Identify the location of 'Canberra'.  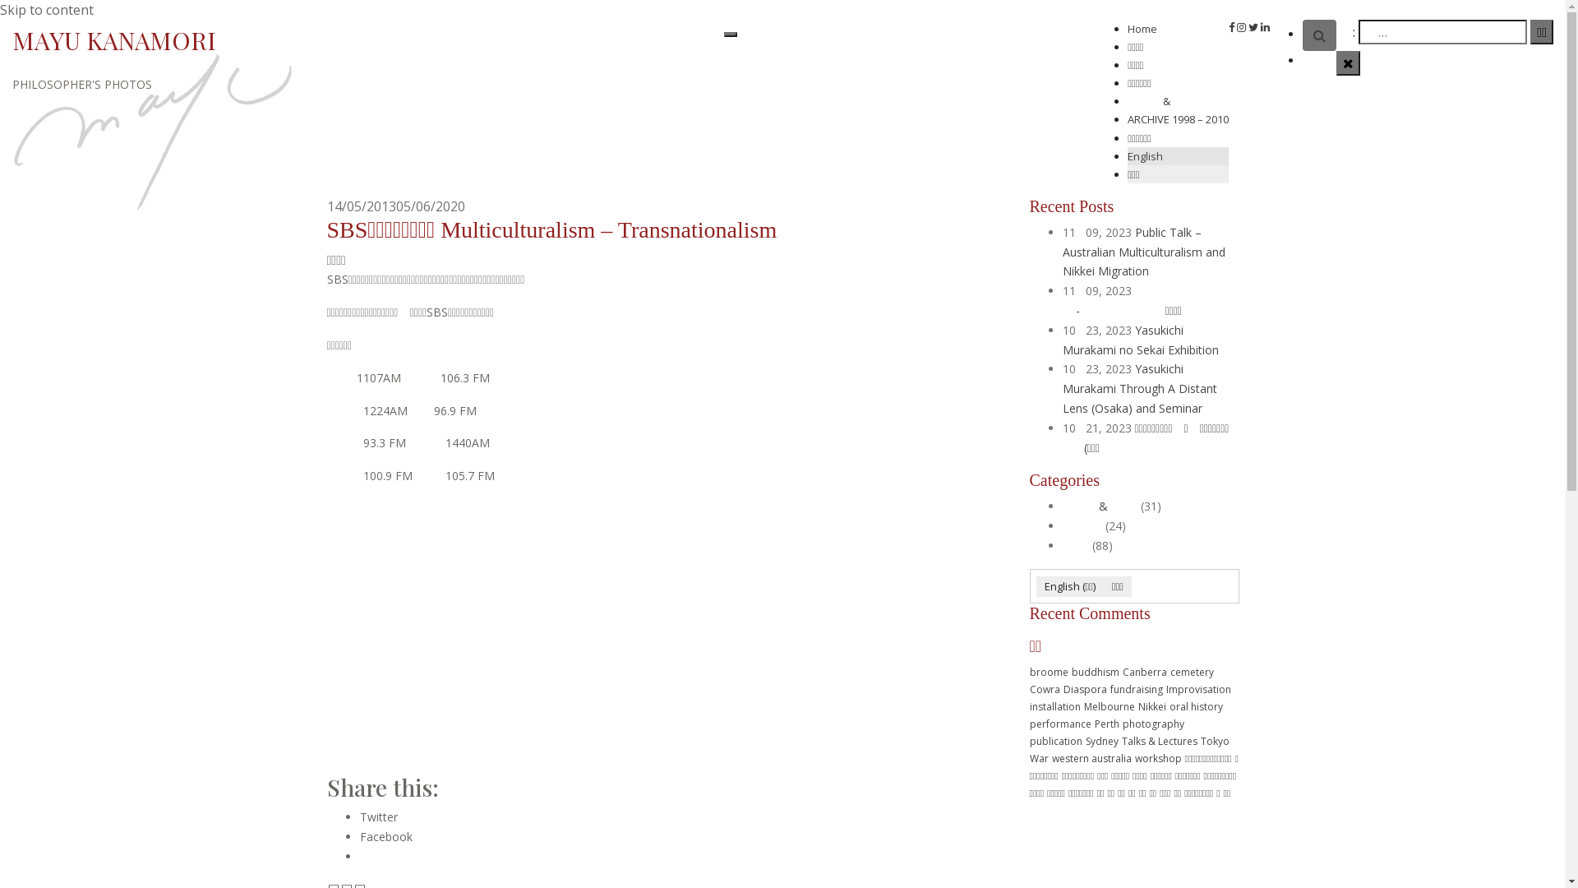
(1143, 672).